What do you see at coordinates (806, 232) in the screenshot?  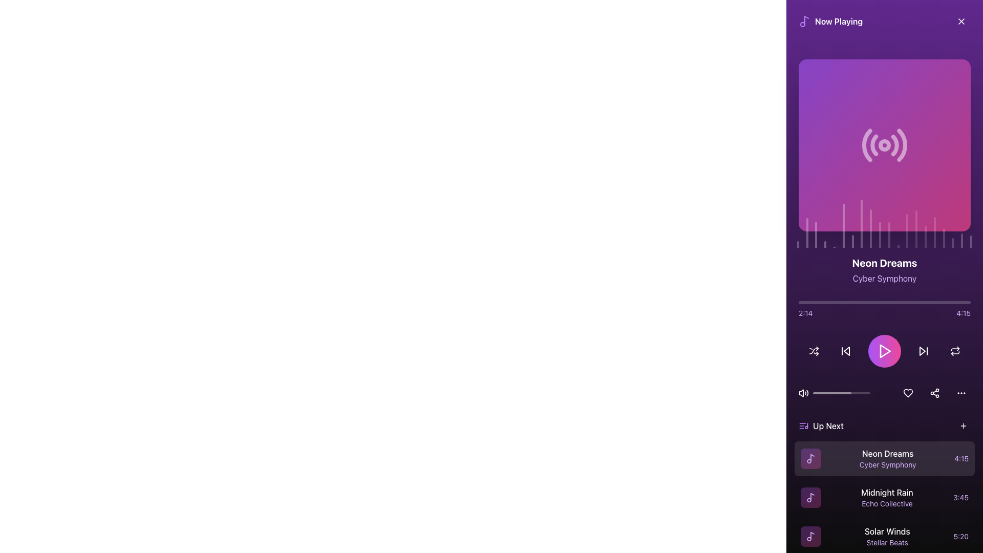 I see `the animation of the second vertical bar chart segment from the left, which represents audio level activity in the player interface` at bounding box center [806, 232].